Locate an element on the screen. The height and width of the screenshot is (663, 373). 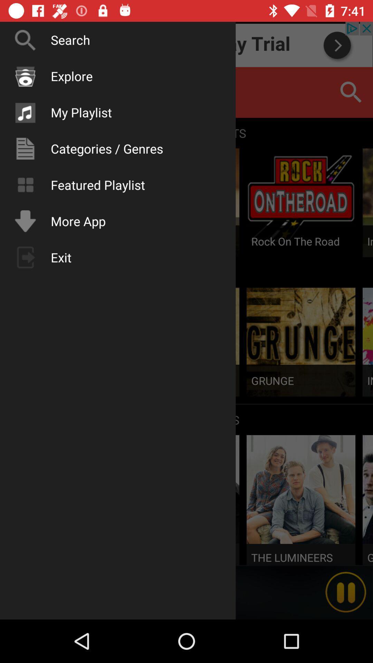
the pause icon is located at coordinates (346, 592).